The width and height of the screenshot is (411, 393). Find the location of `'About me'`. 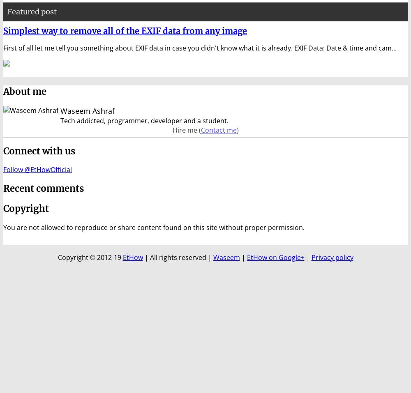

'About me' is located at coordinates (25, 91).